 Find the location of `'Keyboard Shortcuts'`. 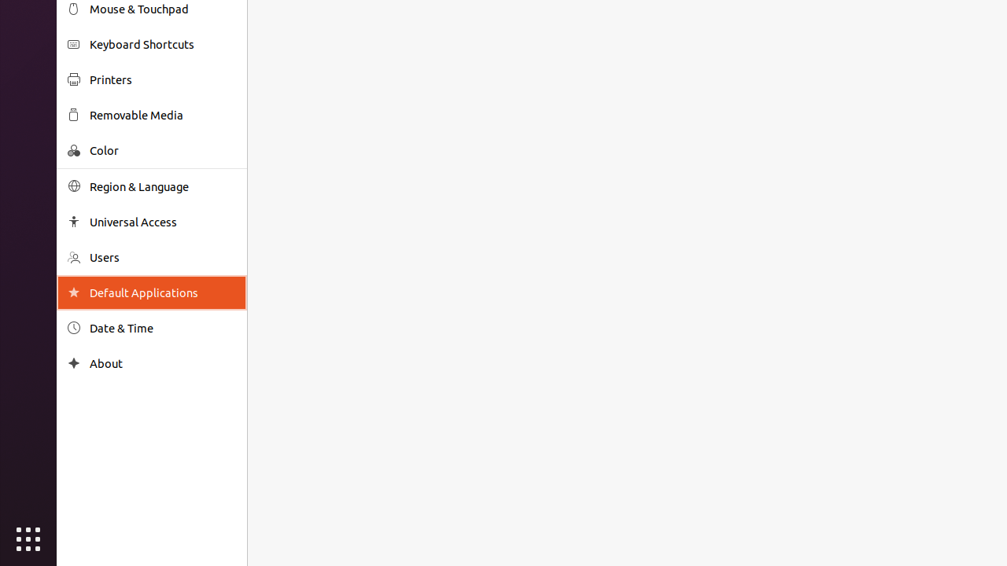

'Keyboard Shortcuts' is located at coordinates (162, 43).